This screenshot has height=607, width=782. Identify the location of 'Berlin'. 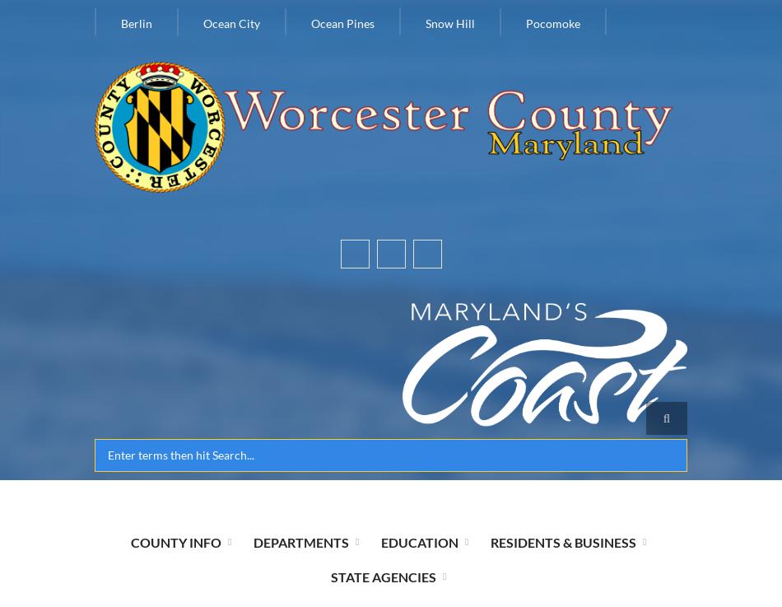
(136, 22).